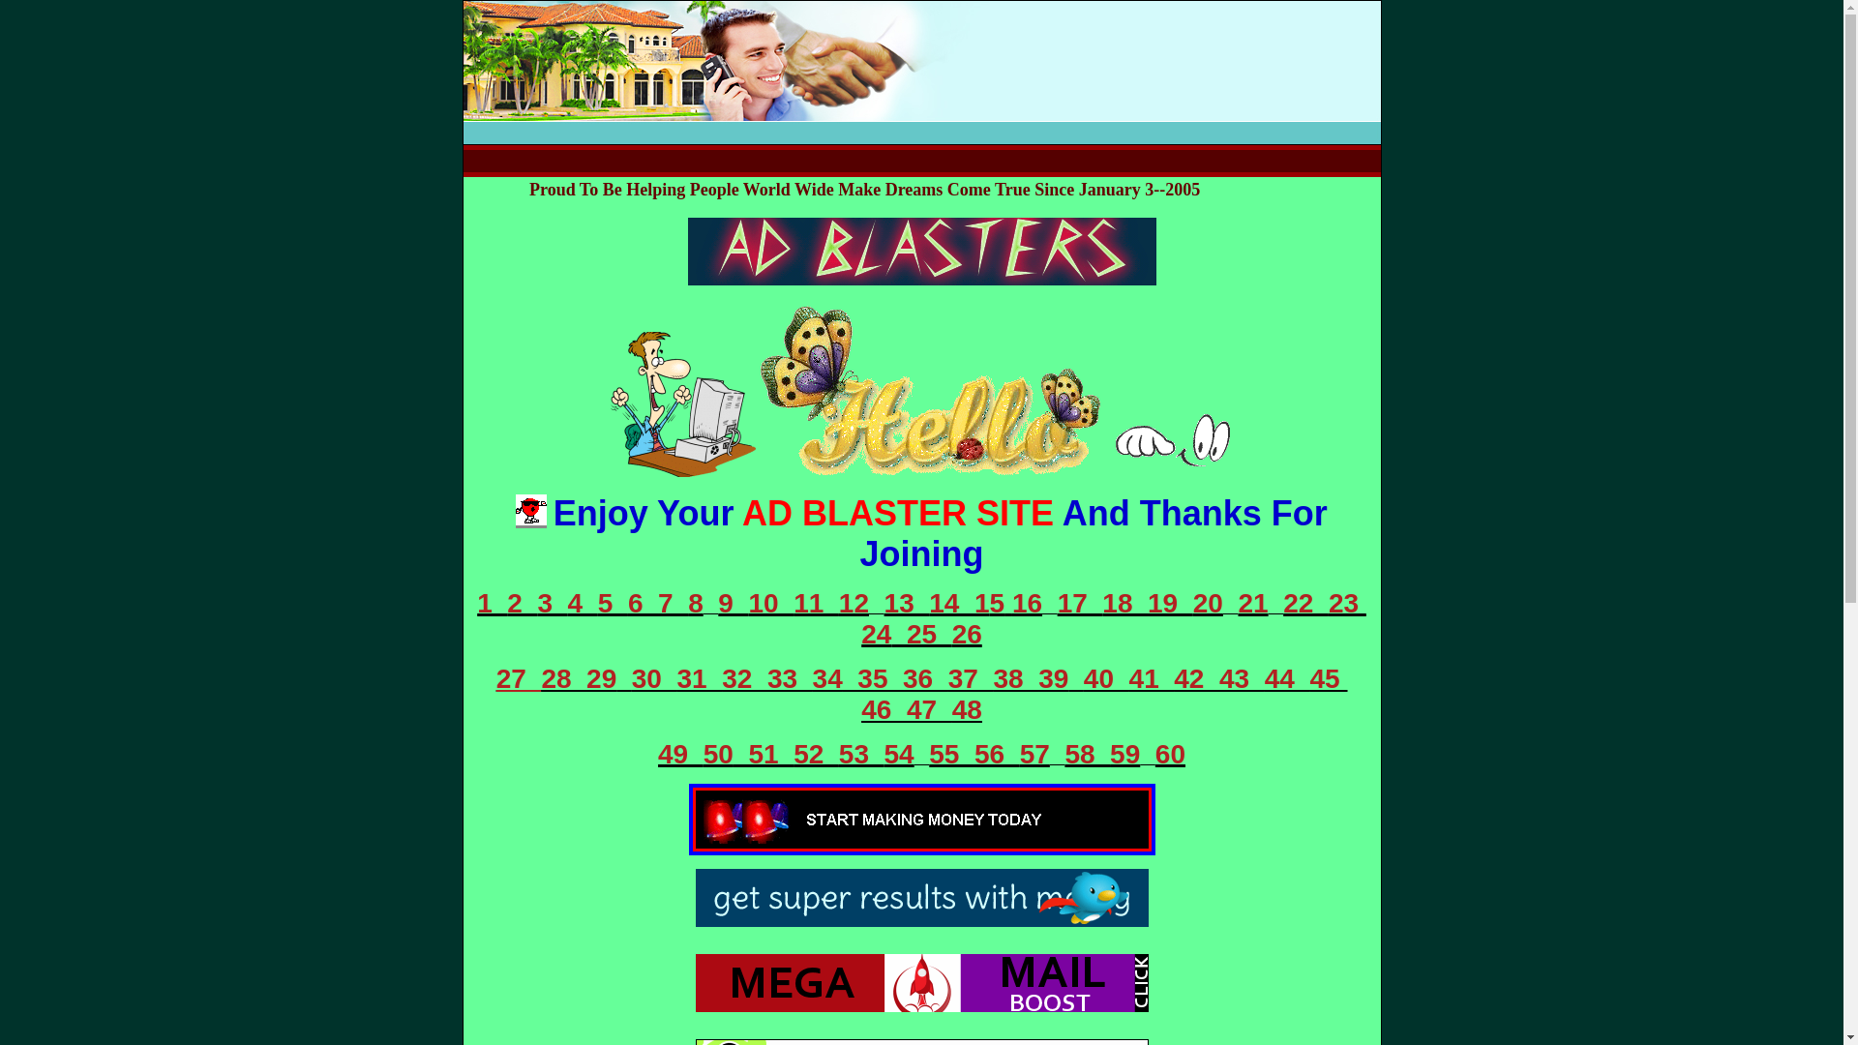  Describe the element at coordinates (1034, 753) in the screenshot. I see `'57'` at that location.